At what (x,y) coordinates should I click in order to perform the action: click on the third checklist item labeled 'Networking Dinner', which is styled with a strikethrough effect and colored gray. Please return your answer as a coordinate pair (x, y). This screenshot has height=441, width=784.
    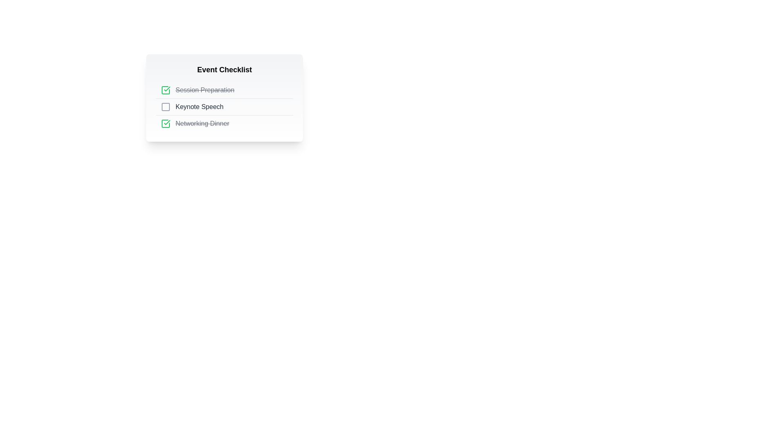
    Looking at the image, I should click on (202, 124).